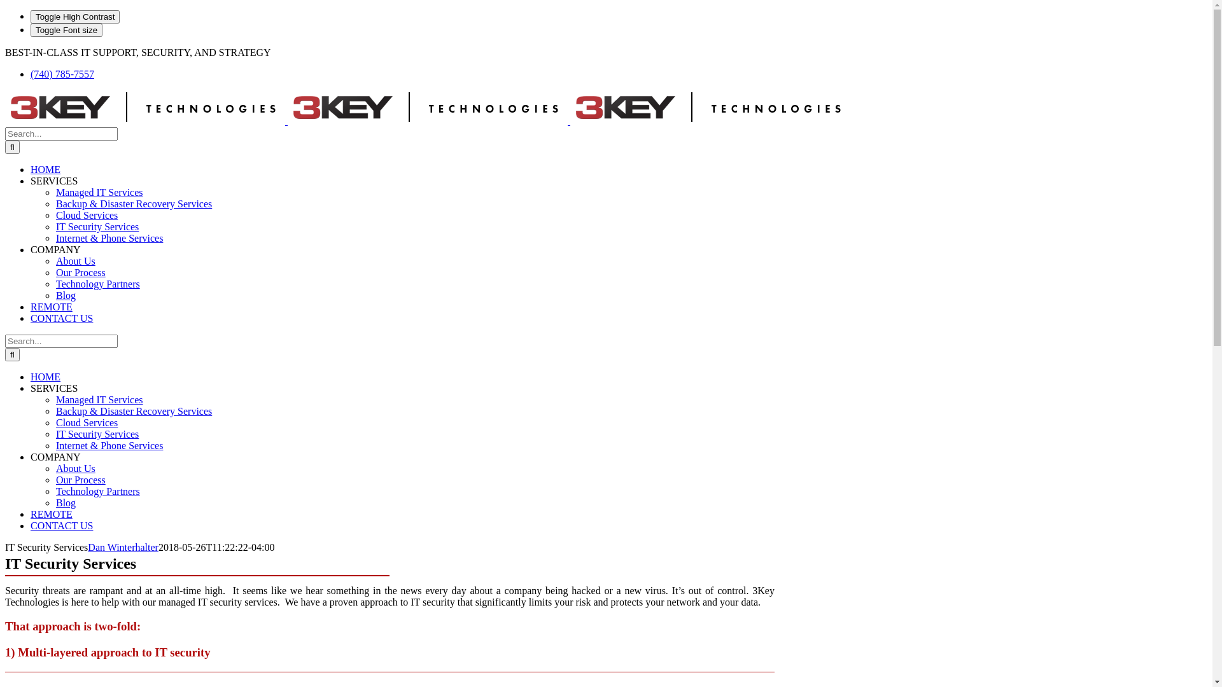 The height and width of the screenshot is (687, 1222). Describe the element at coordinates (74, 17) in the screenshot. I see `'Toggle High Contrast'` at that location.